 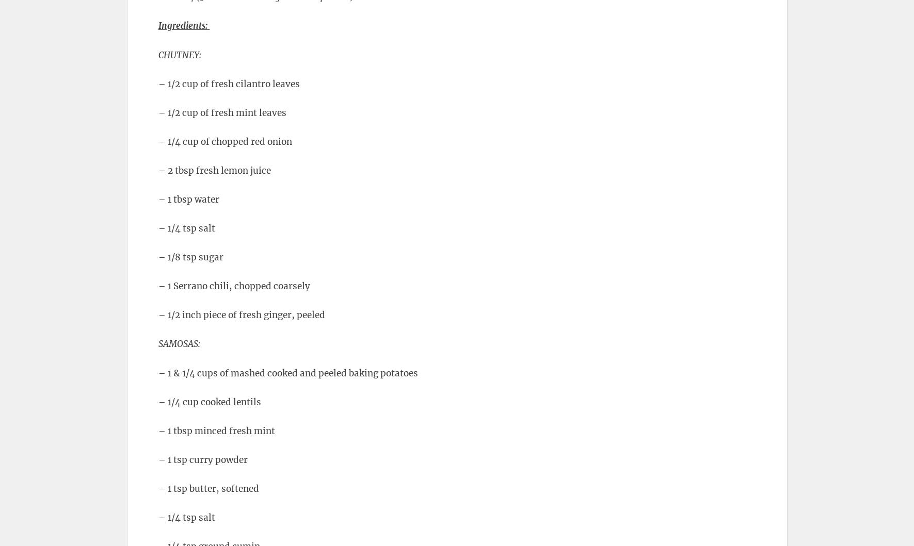 I want to click on '– 1/2 inch piece of fresh ginger, peeled', so click(x=241, y=315).